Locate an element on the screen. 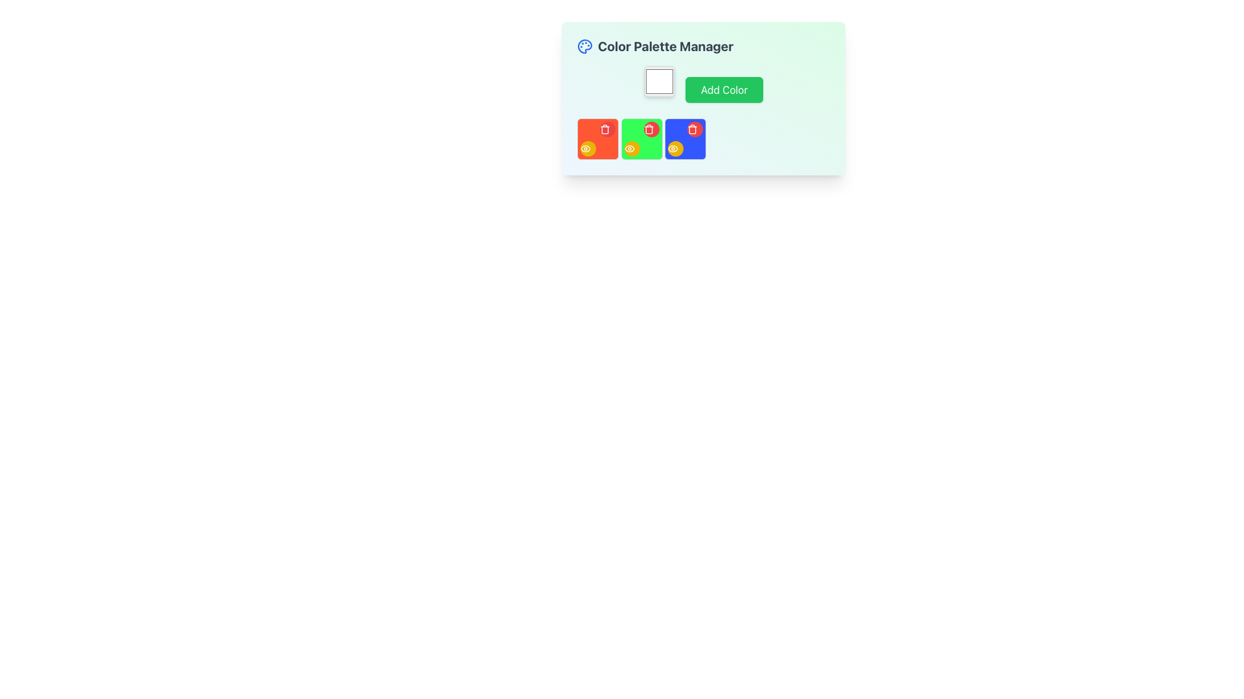  the blue-themed SVG graphic icon located in the top-left corner above the 'Color Palette Manager' title is located at coordinates (584, 46).